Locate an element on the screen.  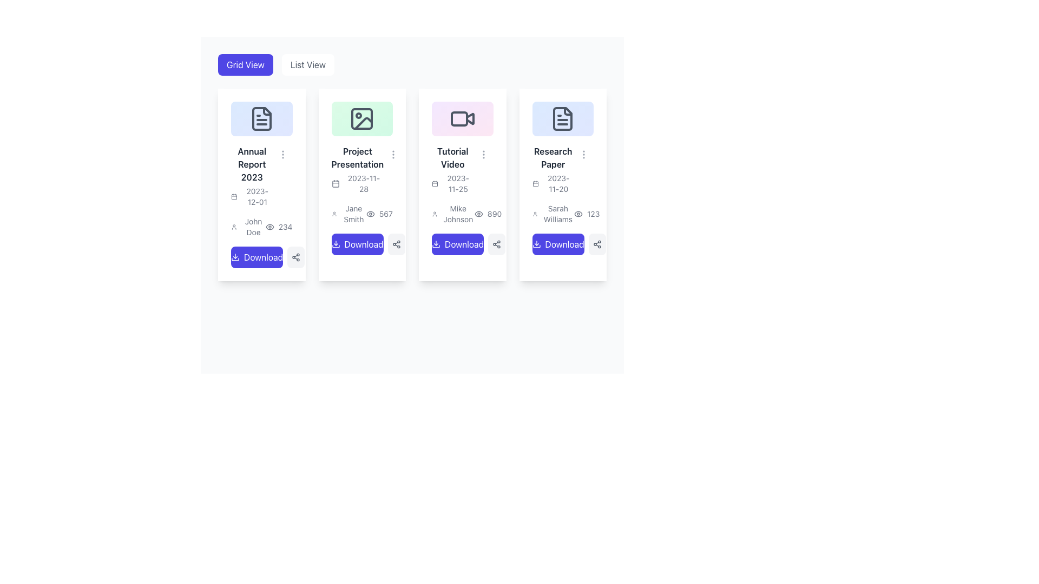
bold, font-semibold text snippet labeled 'Annual Report 2023' located beneath the document icon and above the date information '2023-12-01' in the first card of the grid layout is located at coordinates (251, 164).